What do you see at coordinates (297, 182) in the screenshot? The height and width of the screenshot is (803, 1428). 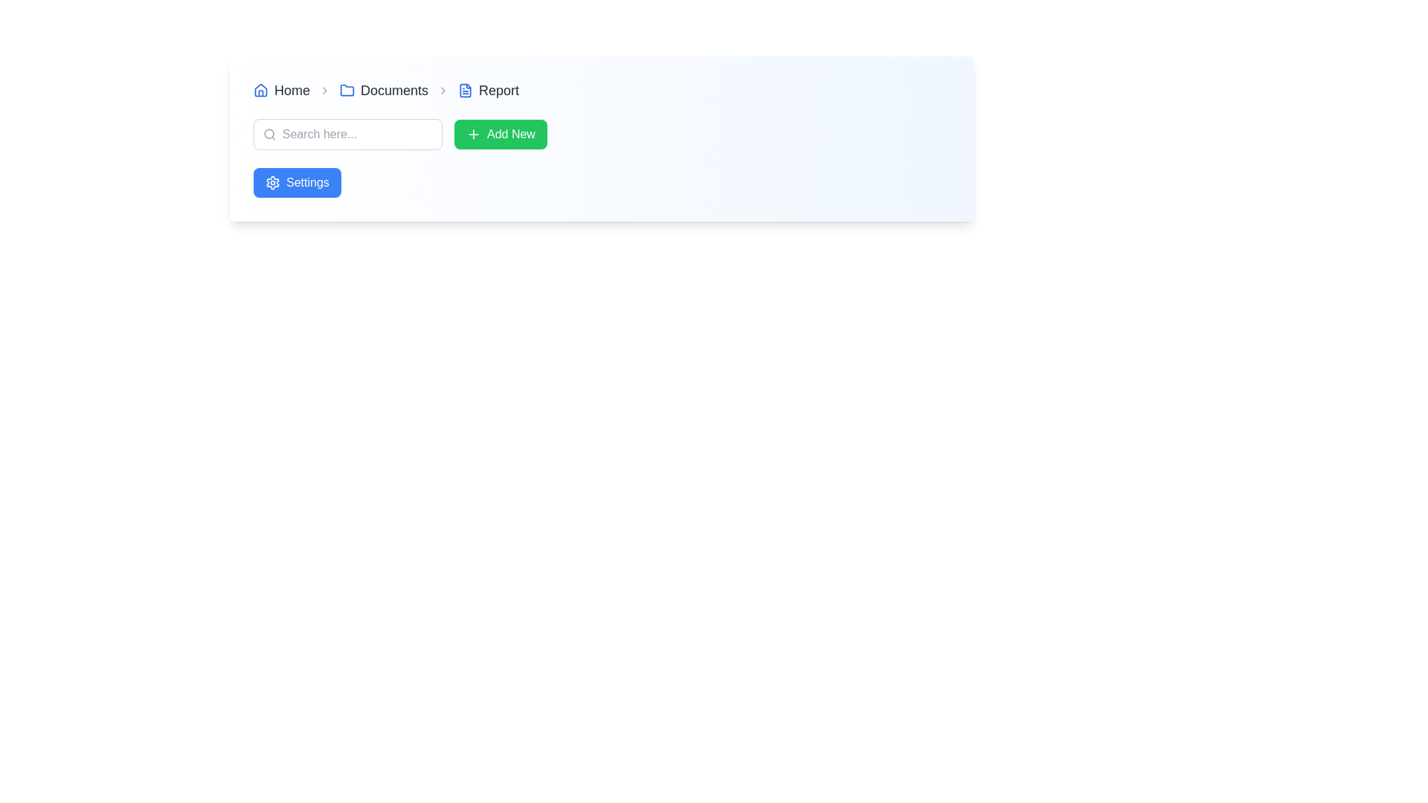 I see `the blue rounded button labeled 'Settings' with a gear icon` at bounding box center [297, 182].